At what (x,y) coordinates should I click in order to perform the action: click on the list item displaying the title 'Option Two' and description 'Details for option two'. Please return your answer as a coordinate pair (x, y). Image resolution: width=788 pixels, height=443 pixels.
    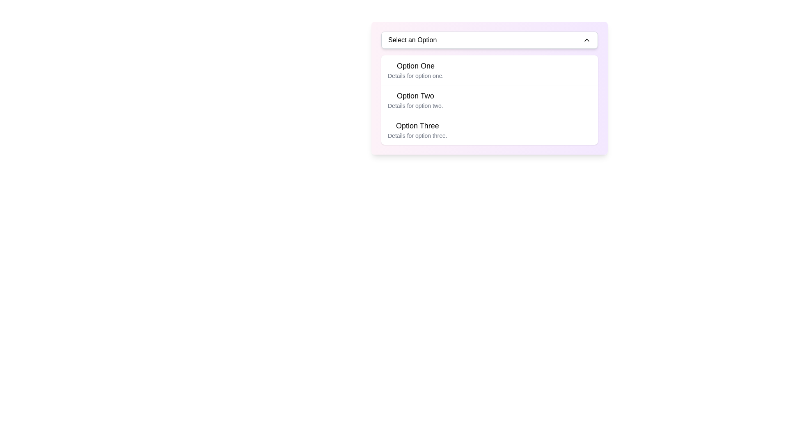
    Looking at the image, I should click on (490, 99).